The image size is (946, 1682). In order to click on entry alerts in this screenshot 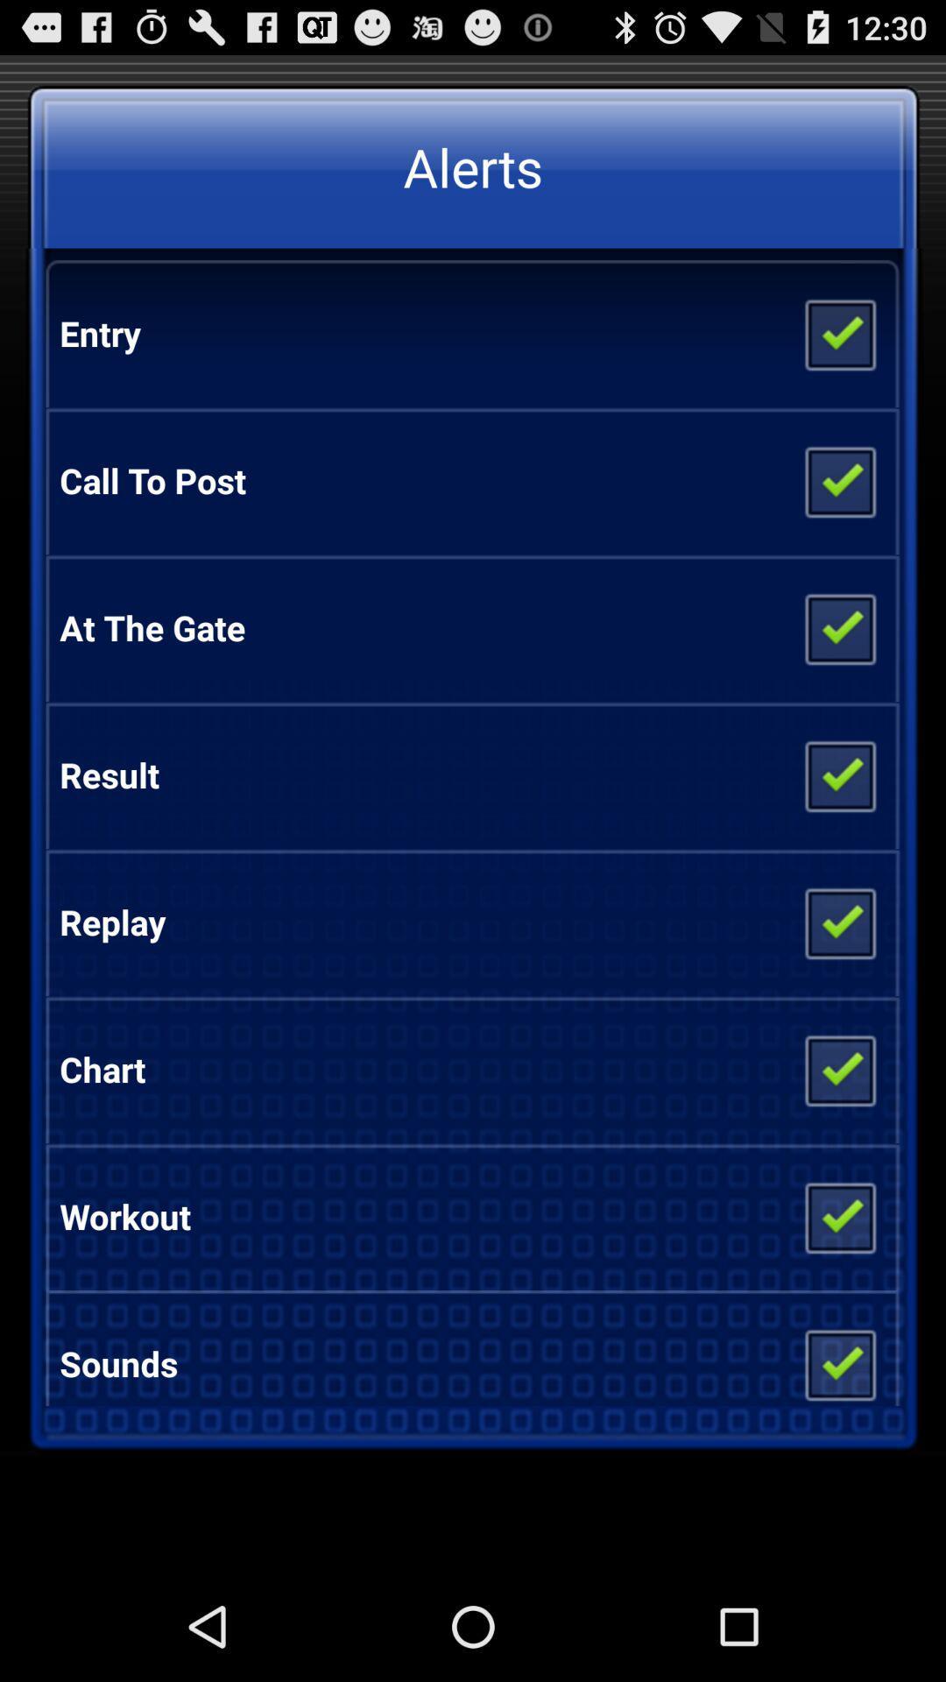, I will do `click(838, 333)`.